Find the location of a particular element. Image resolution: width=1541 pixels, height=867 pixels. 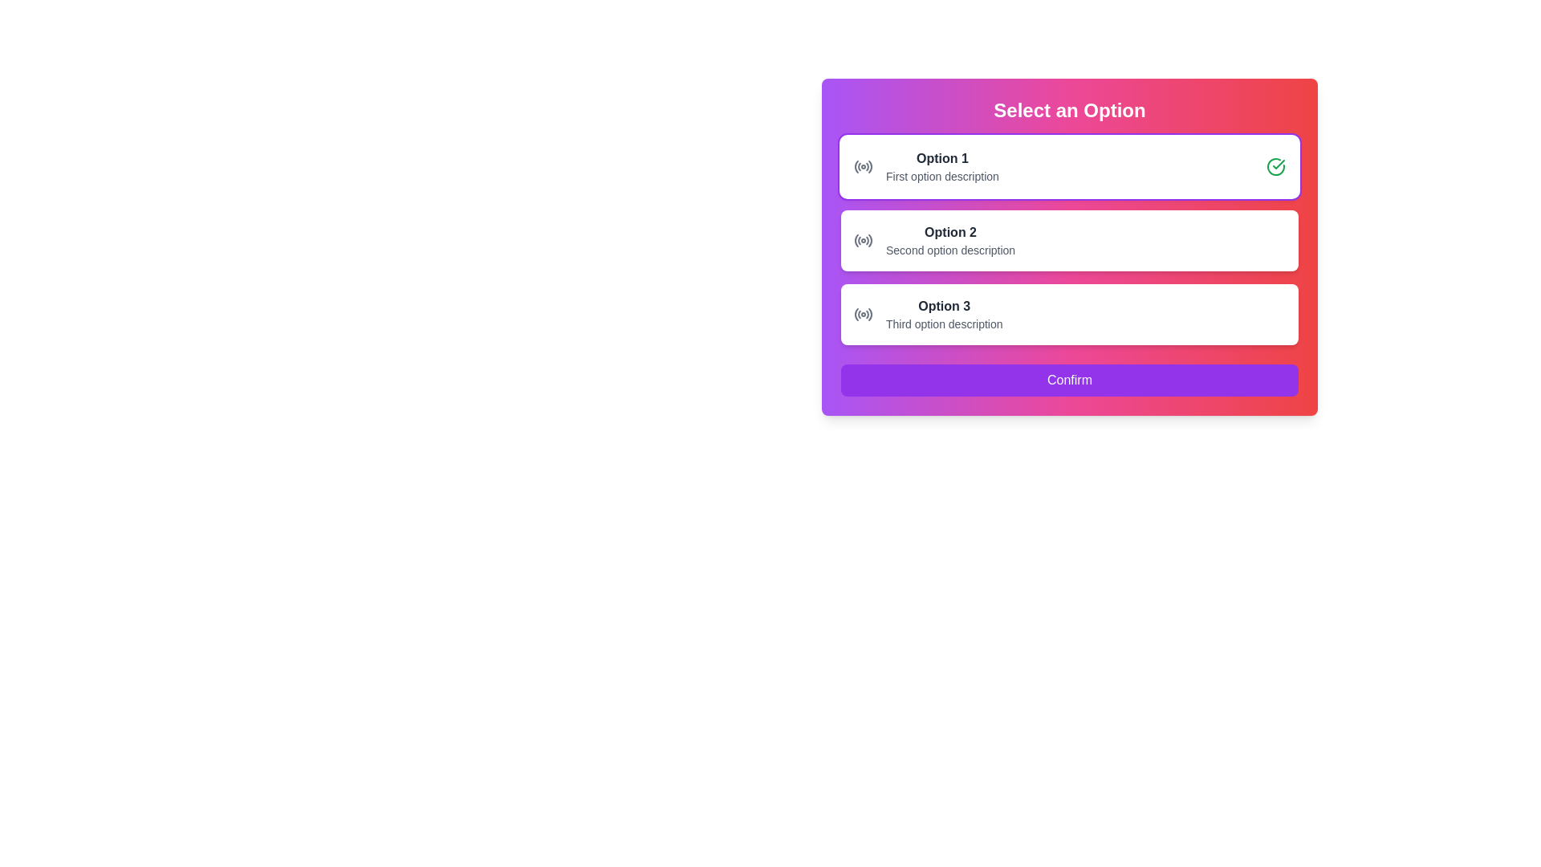

the Decorative radio icon located to the left of the 'Option 2' selection option, which is styled with a gray color and has radiating waves is located at coordinates (862, 241).